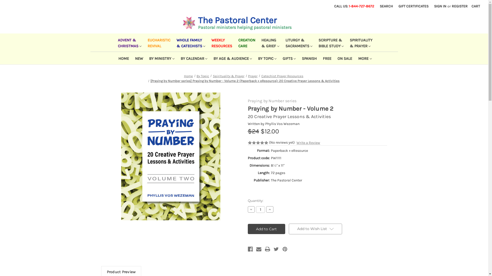  Describe the element at coordinates (269, 42) in the screenshot. I see `'HEALING` at that location.